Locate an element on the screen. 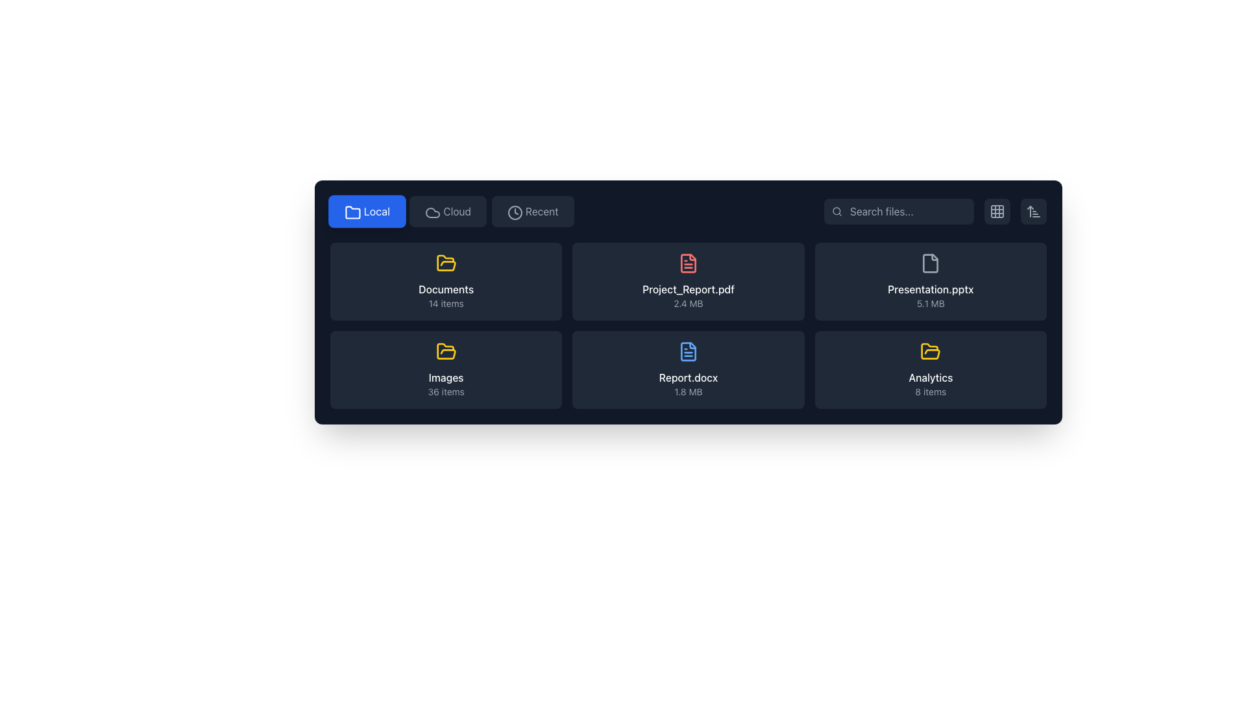 This screenshot has height=701, width=1246. the 'Local' button is located at coordinates (367, 211).